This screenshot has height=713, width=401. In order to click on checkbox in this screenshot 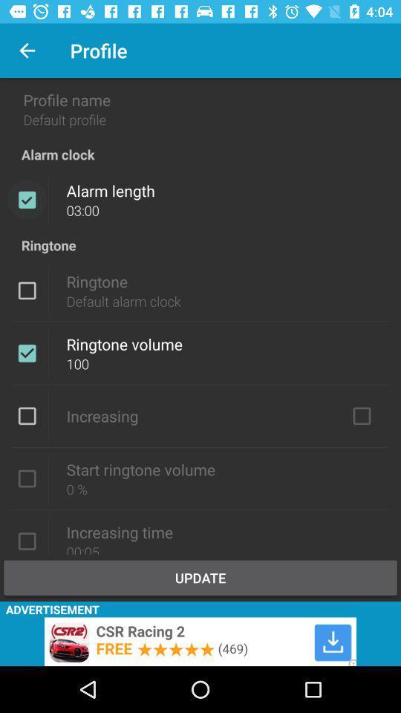, I will do `click(27, 478)`.